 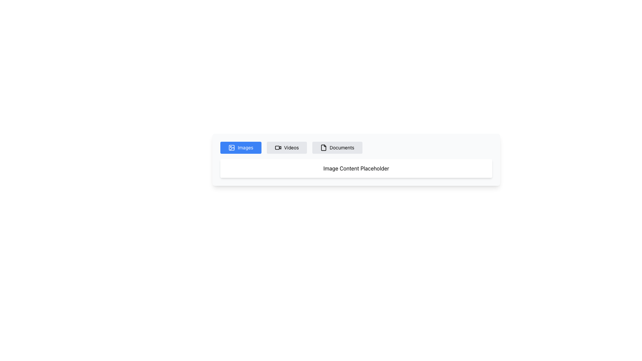 What do you see at coordinates (291, 147) in the screenshot?
I see `the label that represents a selectable tab for navigating to the video section, which is located to the right of the video camera icon and is the third element in the group` at bounding box center [291, 147].